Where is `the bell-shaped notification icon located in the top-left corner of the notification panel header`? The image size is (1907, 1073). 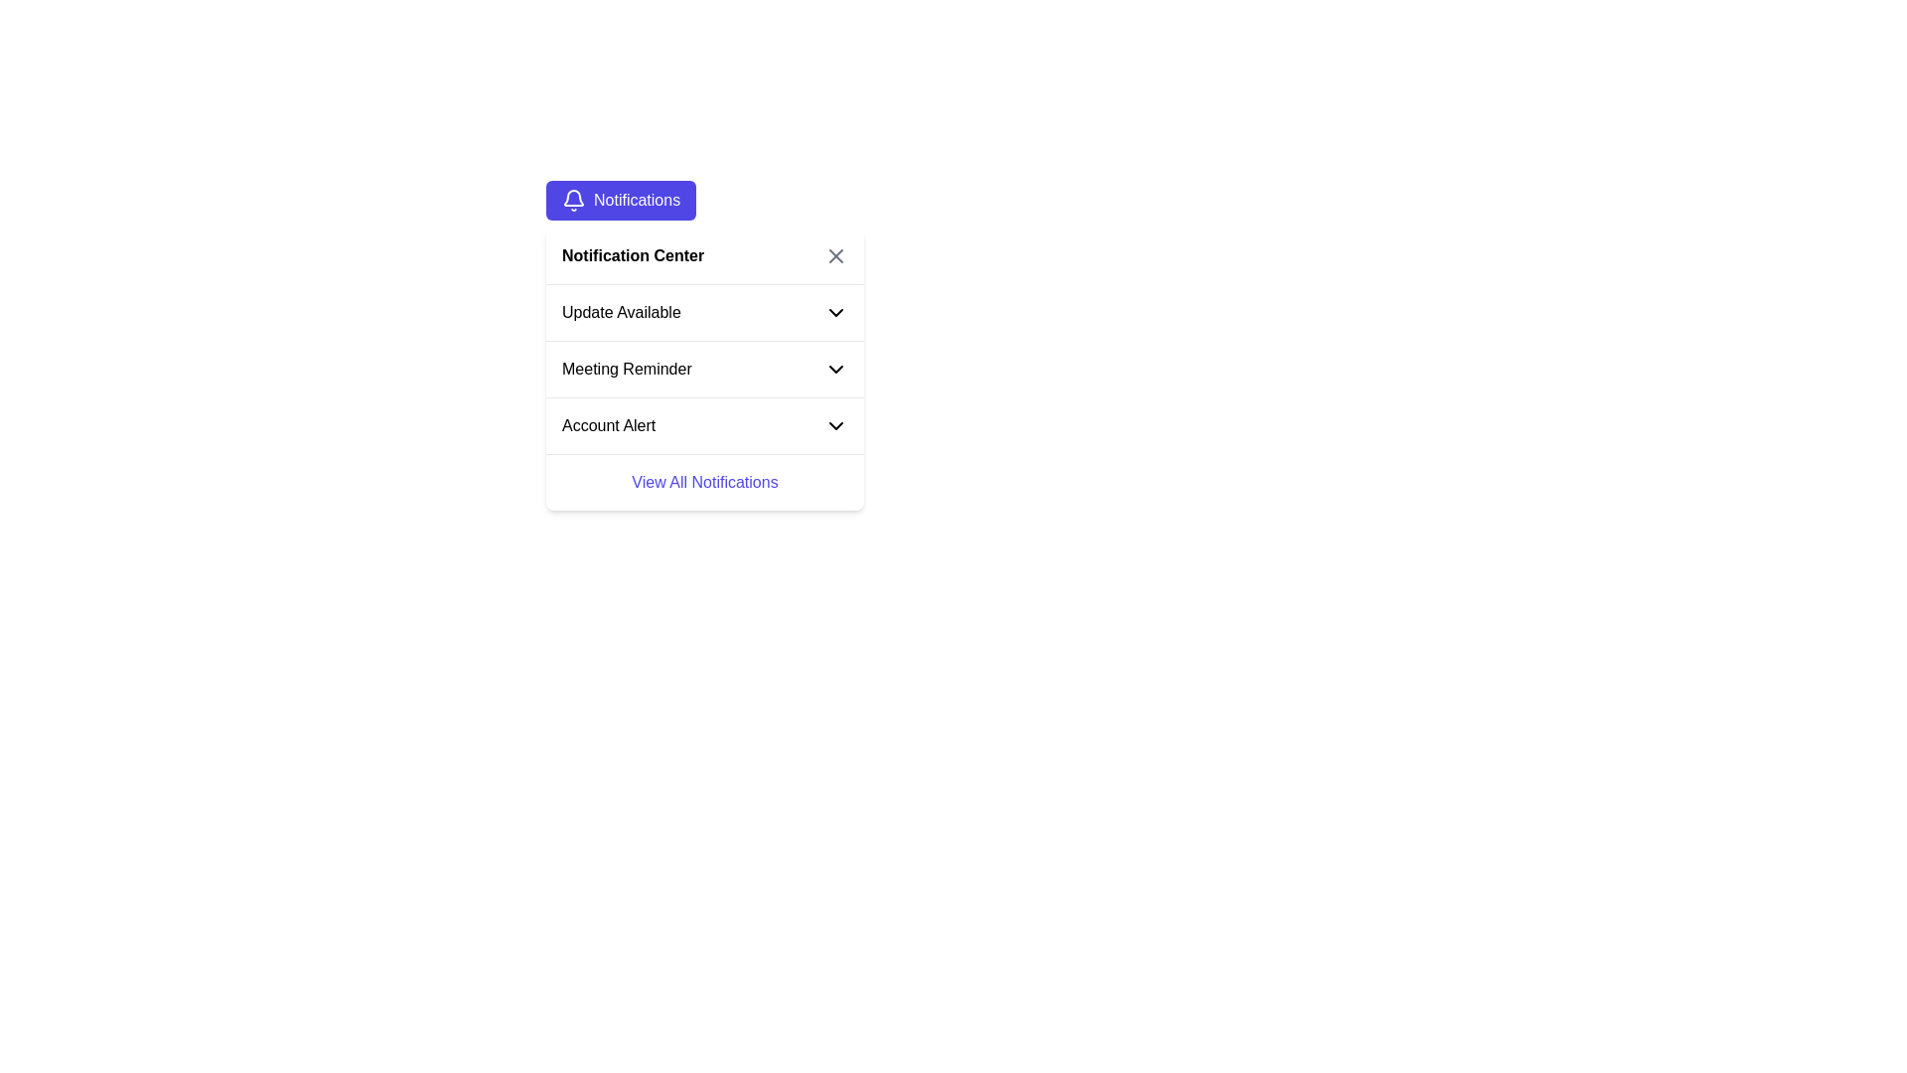 the bell-shaped notification icon located in the top-left corner of the notification panel header is located at coordinates (572, 198).